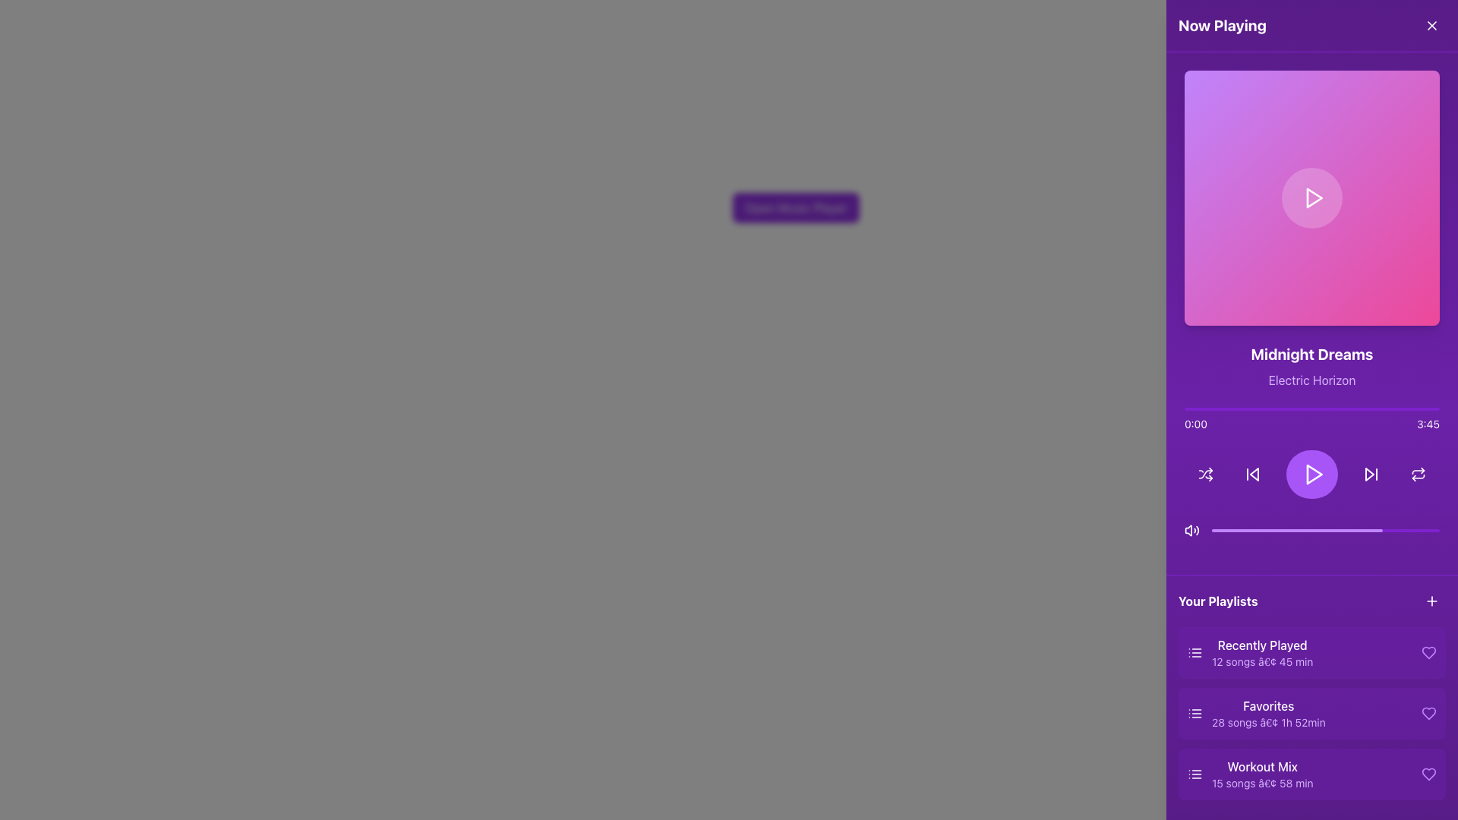  I want to click on the close button located at the top-right corner of the 'Now Playing' panel, so click(1431, 26).